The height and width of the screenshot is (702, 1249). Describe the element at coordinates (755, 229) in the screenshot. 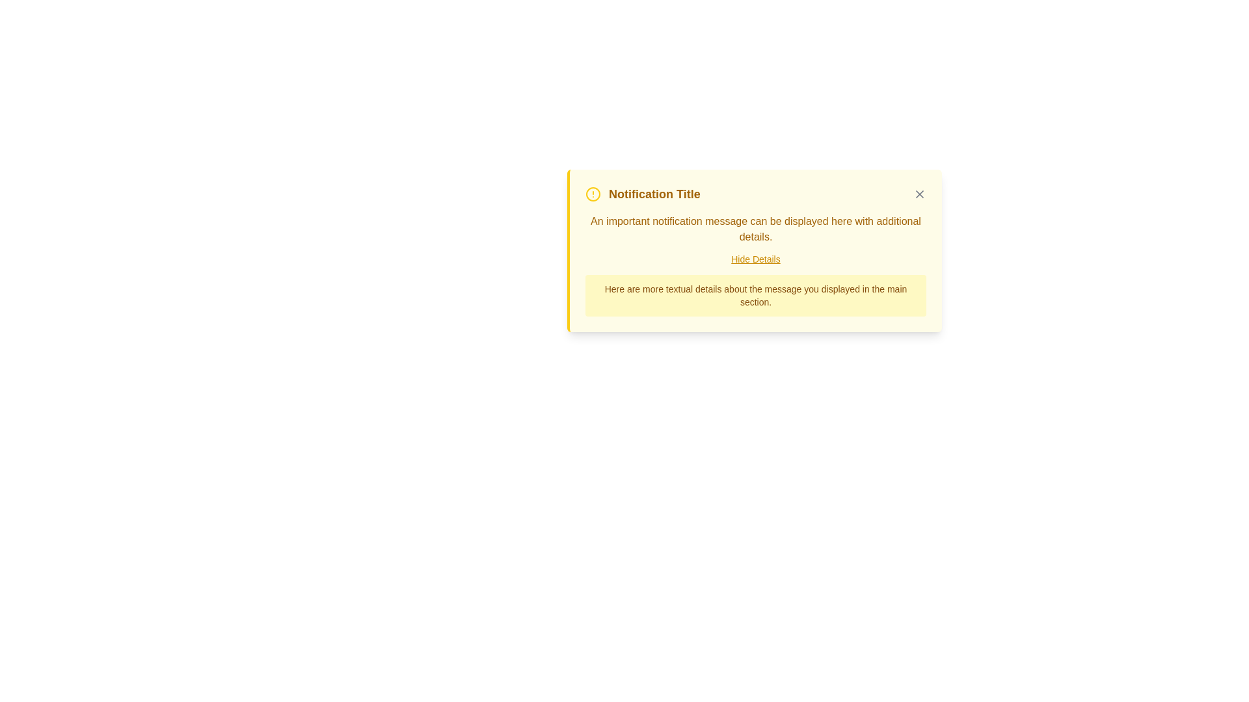

I see `the Informative Text Block located under the title 'Notification Title' within the yellow bordered notification card` at that location.